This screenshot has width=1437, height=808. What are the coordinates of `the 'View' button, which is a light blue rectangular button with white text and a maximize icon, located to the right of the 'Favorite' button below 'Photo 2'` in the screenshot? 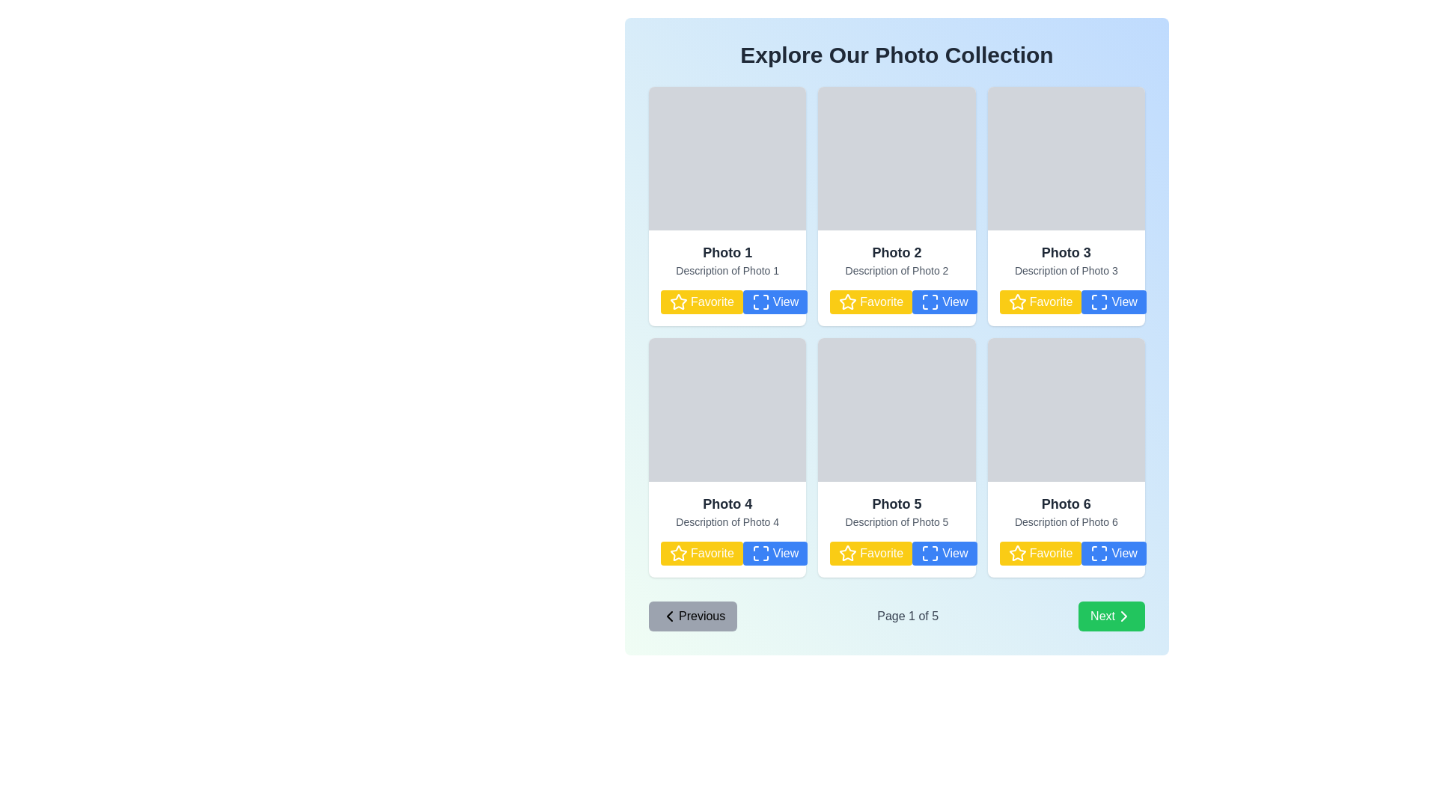 It's located at (944, 302).